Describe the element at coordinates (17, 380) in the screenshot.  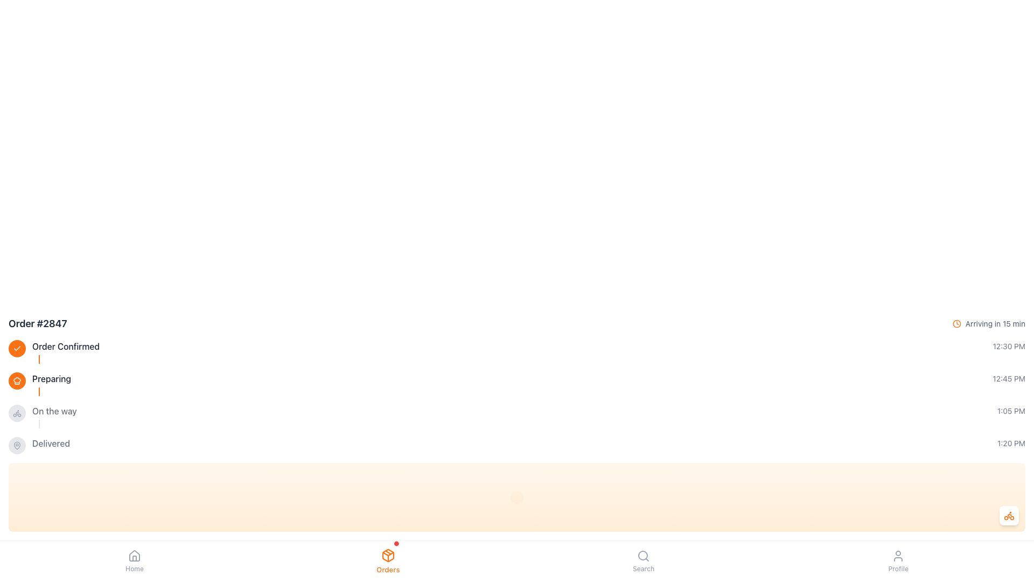
I see `the circular button with an orange background and a white chef hat icon located in the second row of the status tracker, above 'On the way' and below 'Order Confirmed'` at that location.